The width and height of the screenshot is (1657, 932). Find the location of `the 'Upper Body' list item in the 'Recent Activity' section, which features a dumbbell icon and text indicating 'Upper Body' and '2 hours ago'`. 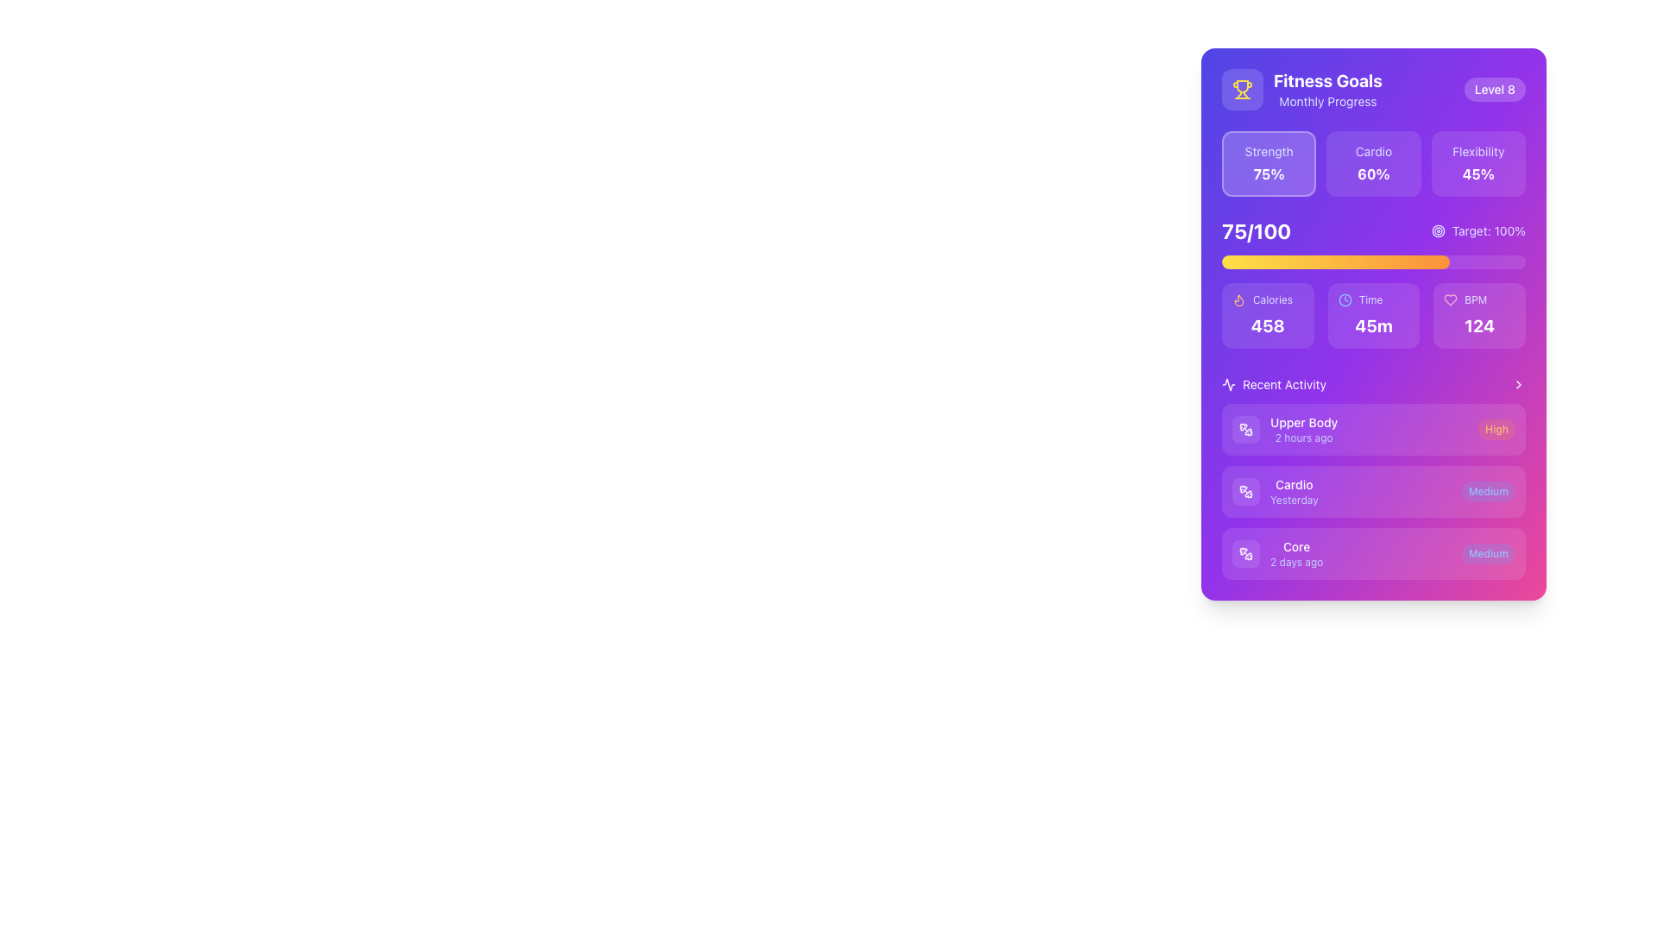

the 'Upper Body' list item in the 'Recent Activity' section, which features a dumbbell icon and text indicating 'Upper Body' and '2 hours ago' is located at coordinates (1285, 428).